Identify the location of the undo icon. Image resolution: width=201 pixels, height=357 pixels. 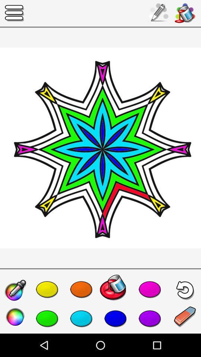
(185, 290).